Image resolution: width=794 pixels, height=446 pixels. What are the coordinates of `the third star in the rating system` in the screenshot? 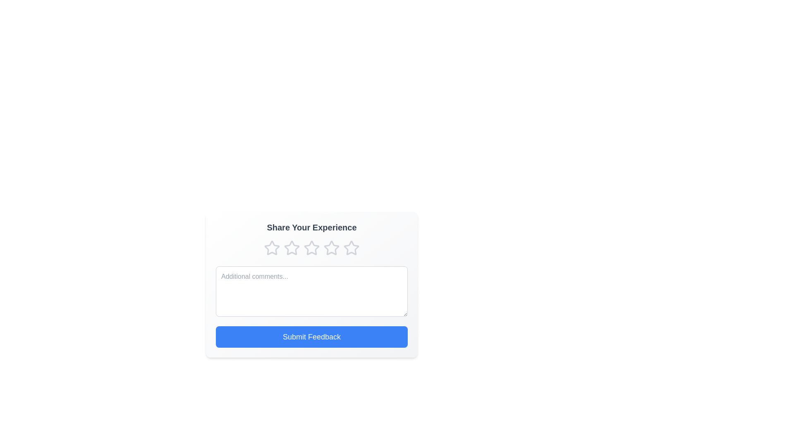 It's located at (292, 248).